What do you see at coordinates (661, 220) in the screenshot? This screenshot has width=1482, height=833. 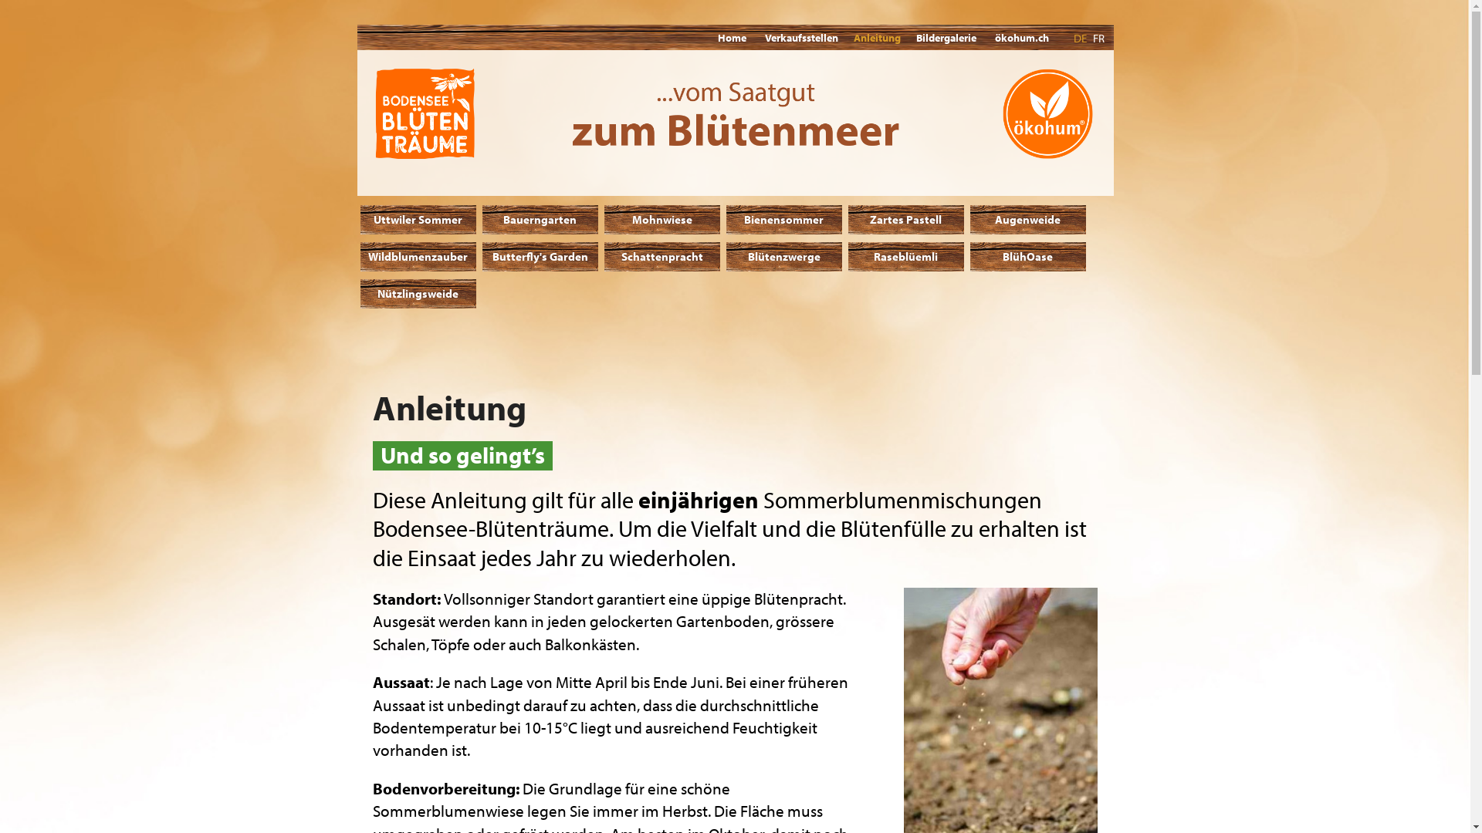 I see `'Mohnwiese'` at bounding box center [661, 220].